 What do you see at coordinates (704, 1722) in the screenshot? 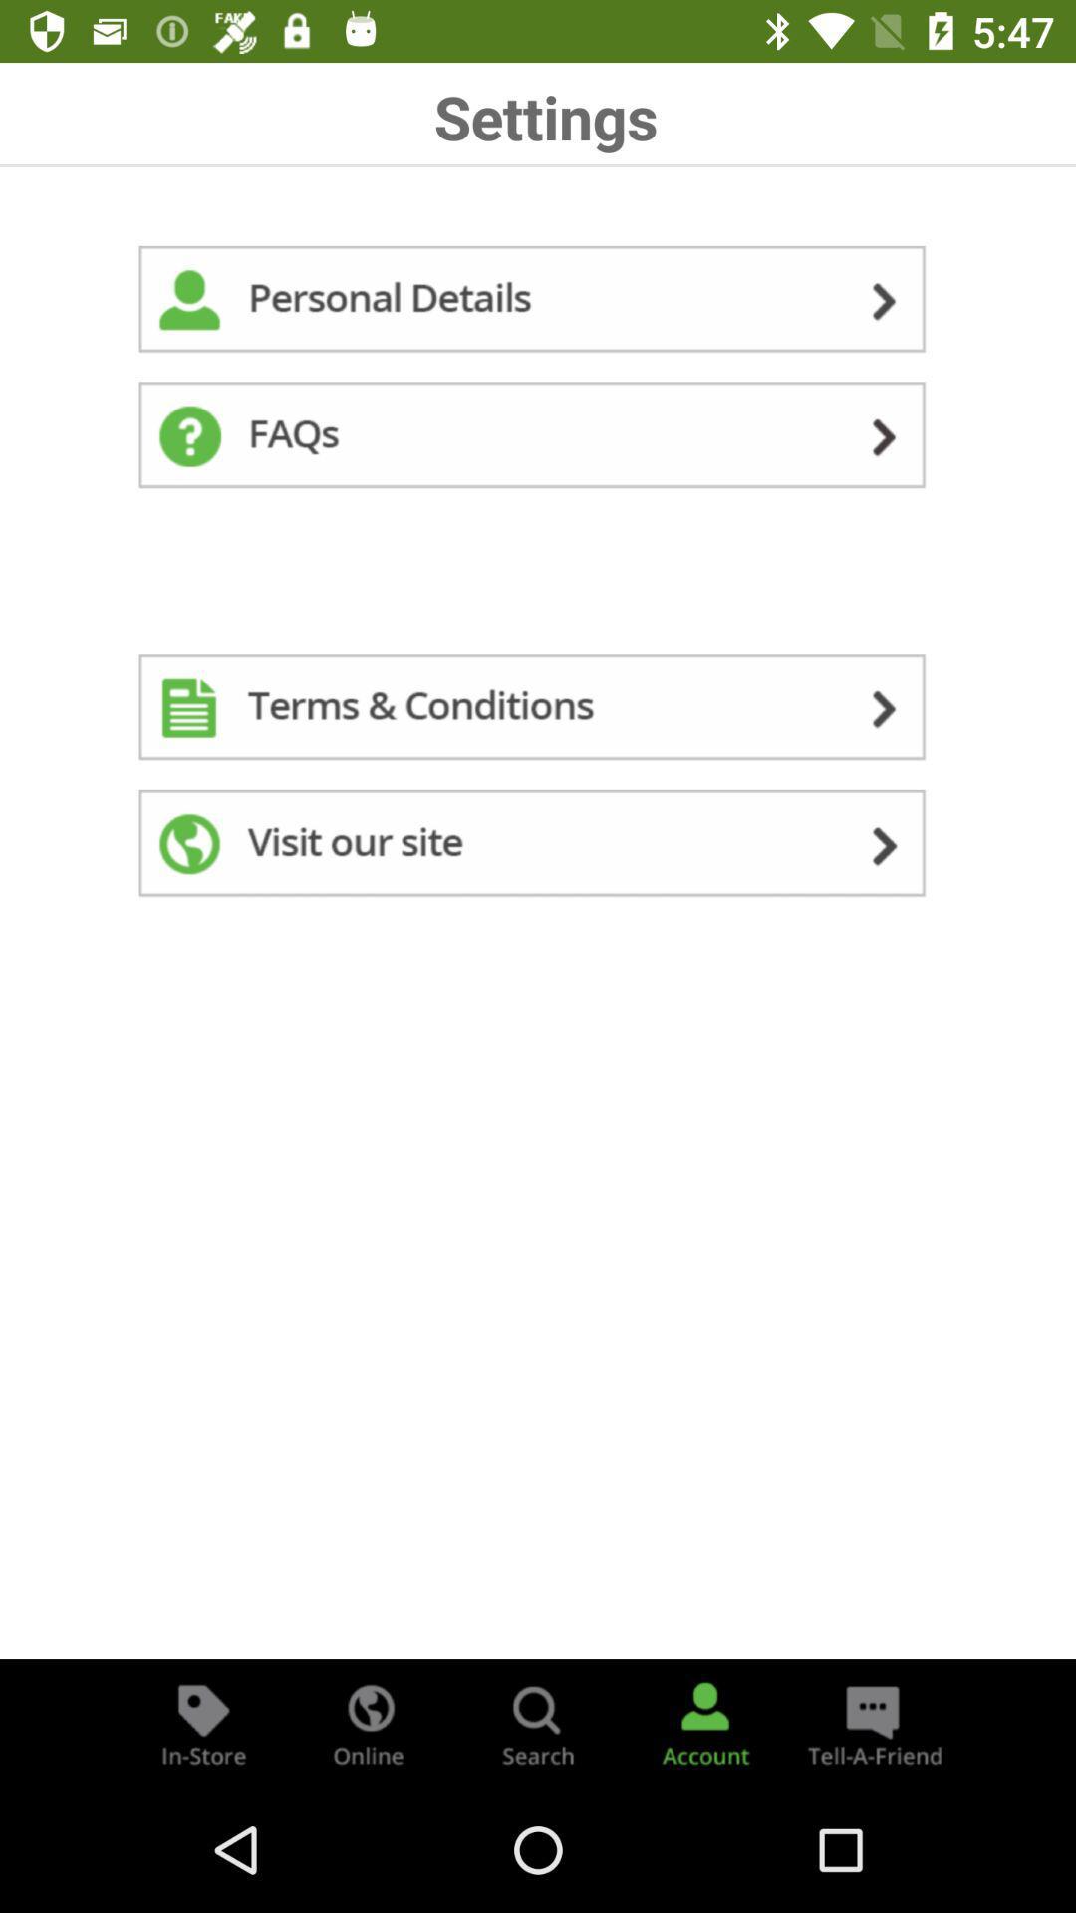
I see `the avatar icon` at bounding box center [704, 1722].